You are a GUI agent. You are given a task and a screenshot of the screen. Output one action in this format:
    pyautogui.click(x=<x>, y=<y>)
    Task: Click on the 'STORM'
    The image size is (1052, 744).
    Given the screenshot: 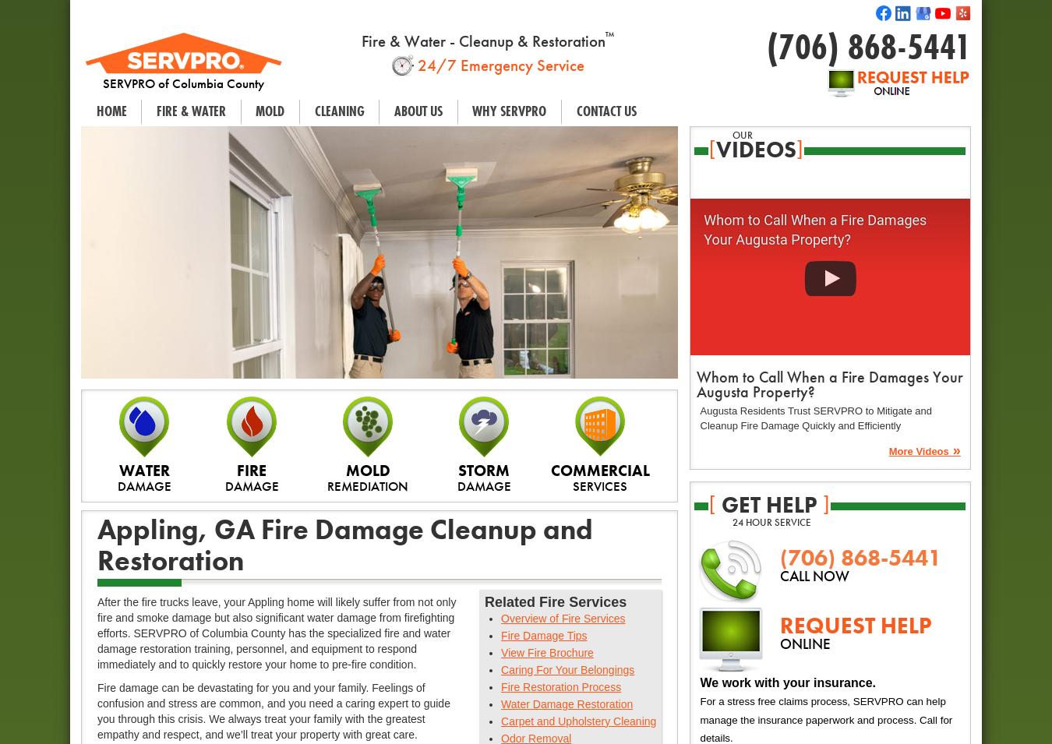 What is the action you would take?
    pyautogui.click(x=484, y=471)
    